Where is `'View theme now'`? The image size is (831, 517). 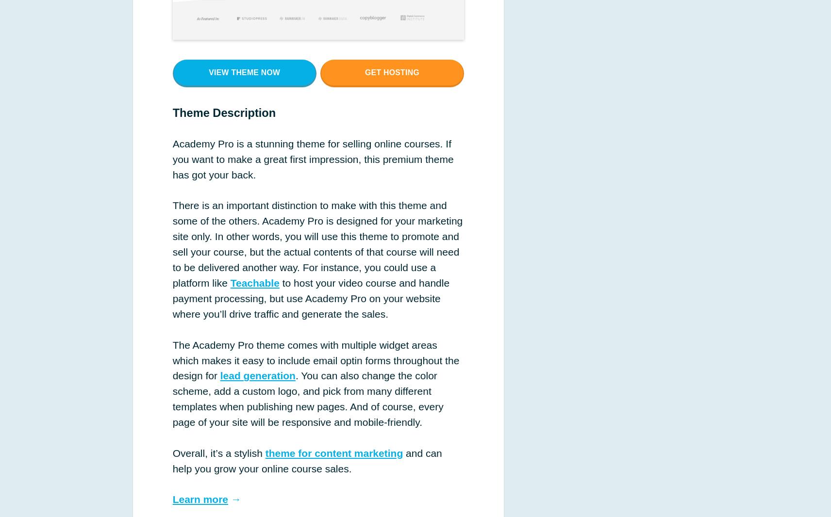 'View theme now' is located at coordinates (244, 71).